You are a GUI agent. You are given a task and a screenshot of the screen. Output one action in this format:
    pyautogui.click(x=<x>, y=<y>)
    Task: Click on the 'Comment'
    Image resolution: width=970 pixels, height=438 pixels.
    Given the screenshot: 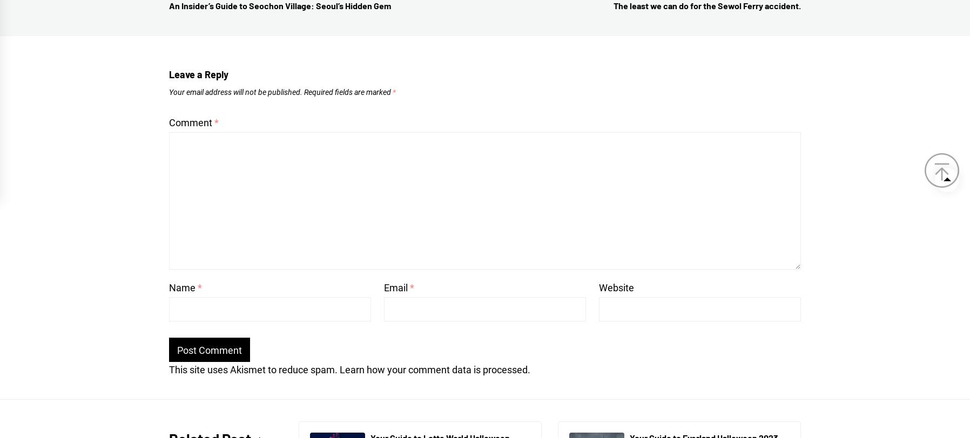 What is the action you would take?
    pyautogui.click(x=169, y=122)
    